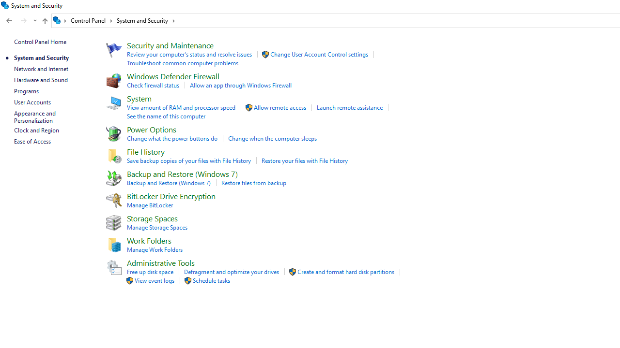  What do you see at coordinates (26, 91) in the screenshot?
I see `'Programs'` at bounding box center [26, 91].